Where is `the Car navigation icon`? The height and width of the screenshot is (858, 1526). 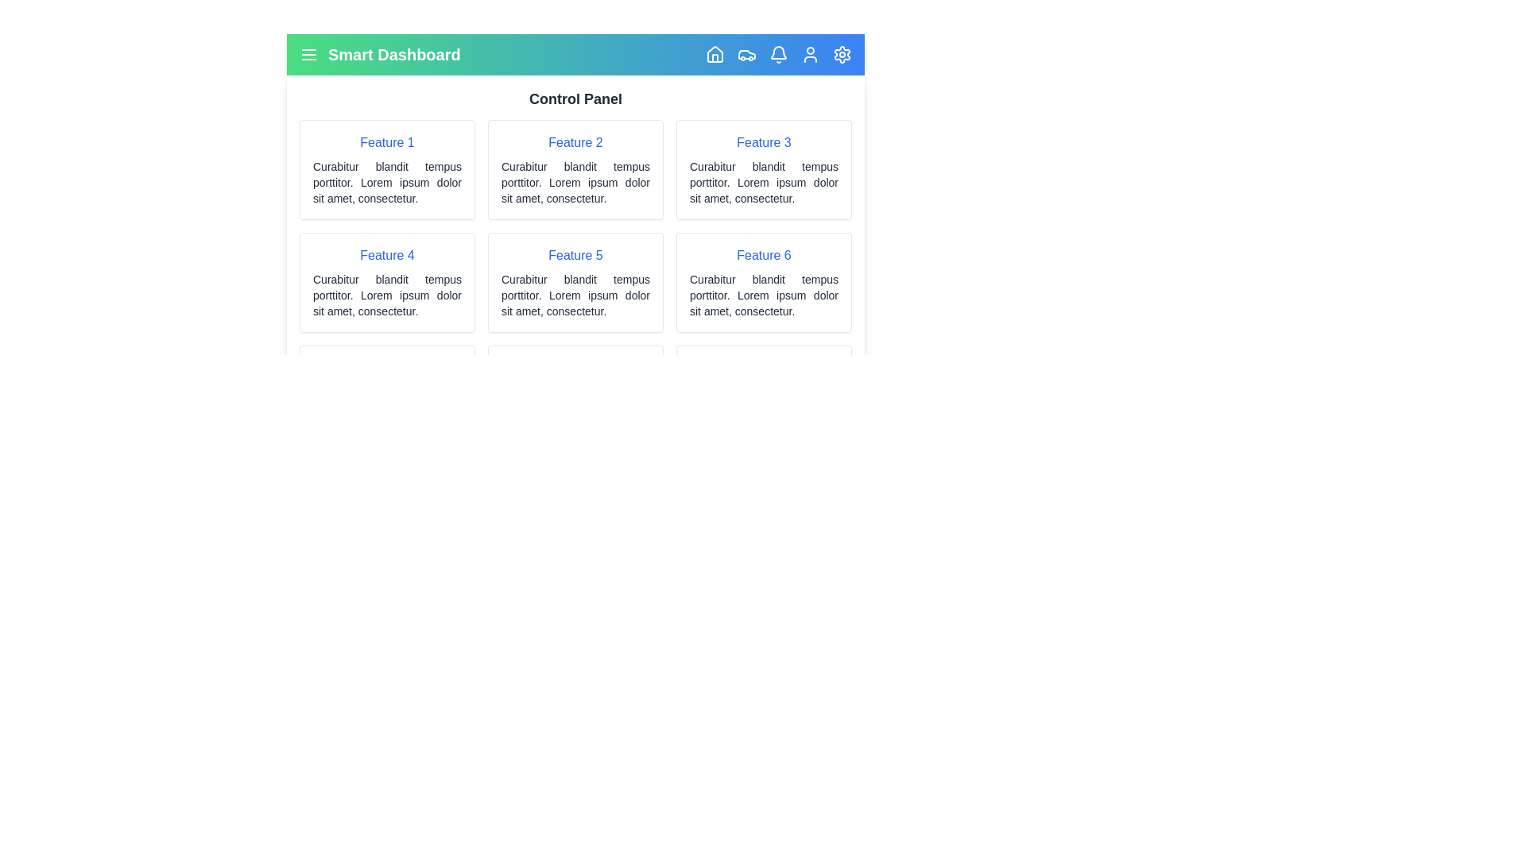 the Car navigation icon is located at coordinates (746, 54).